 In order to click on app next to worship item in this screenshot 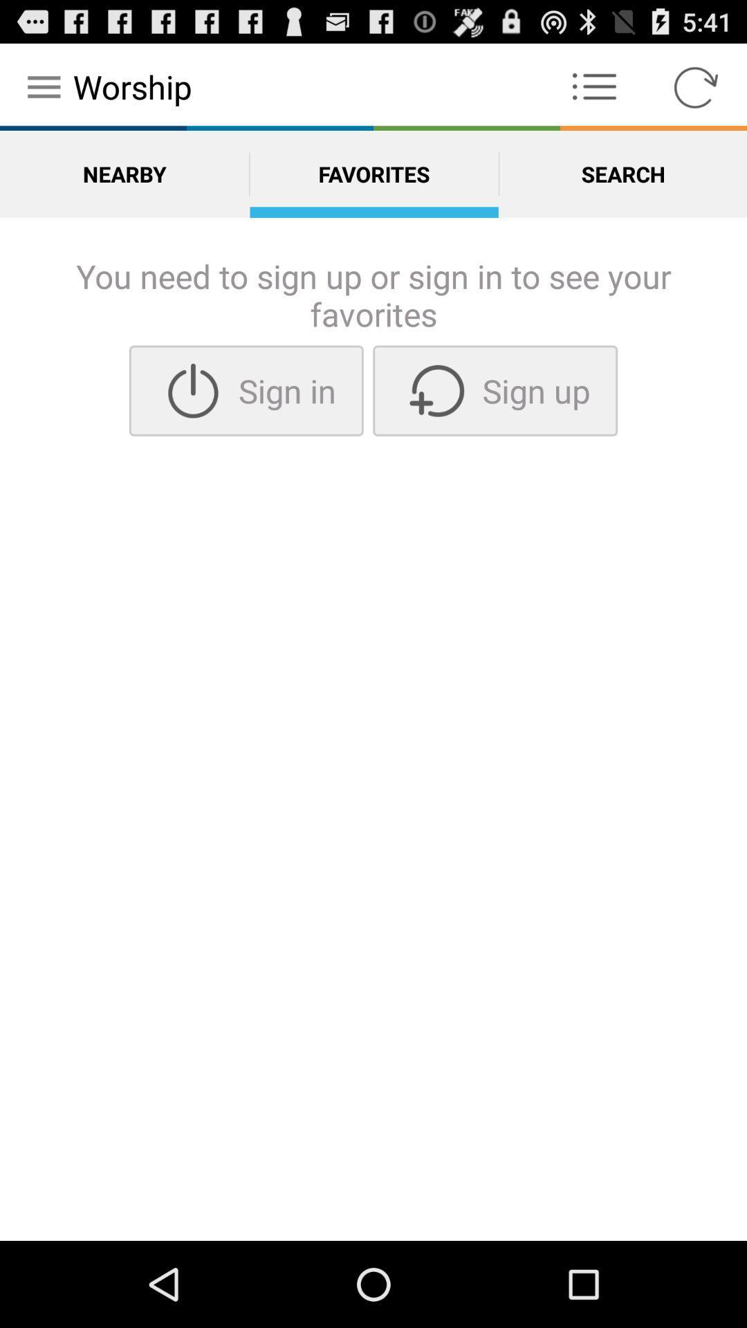, I will do `click(593, 86)`.